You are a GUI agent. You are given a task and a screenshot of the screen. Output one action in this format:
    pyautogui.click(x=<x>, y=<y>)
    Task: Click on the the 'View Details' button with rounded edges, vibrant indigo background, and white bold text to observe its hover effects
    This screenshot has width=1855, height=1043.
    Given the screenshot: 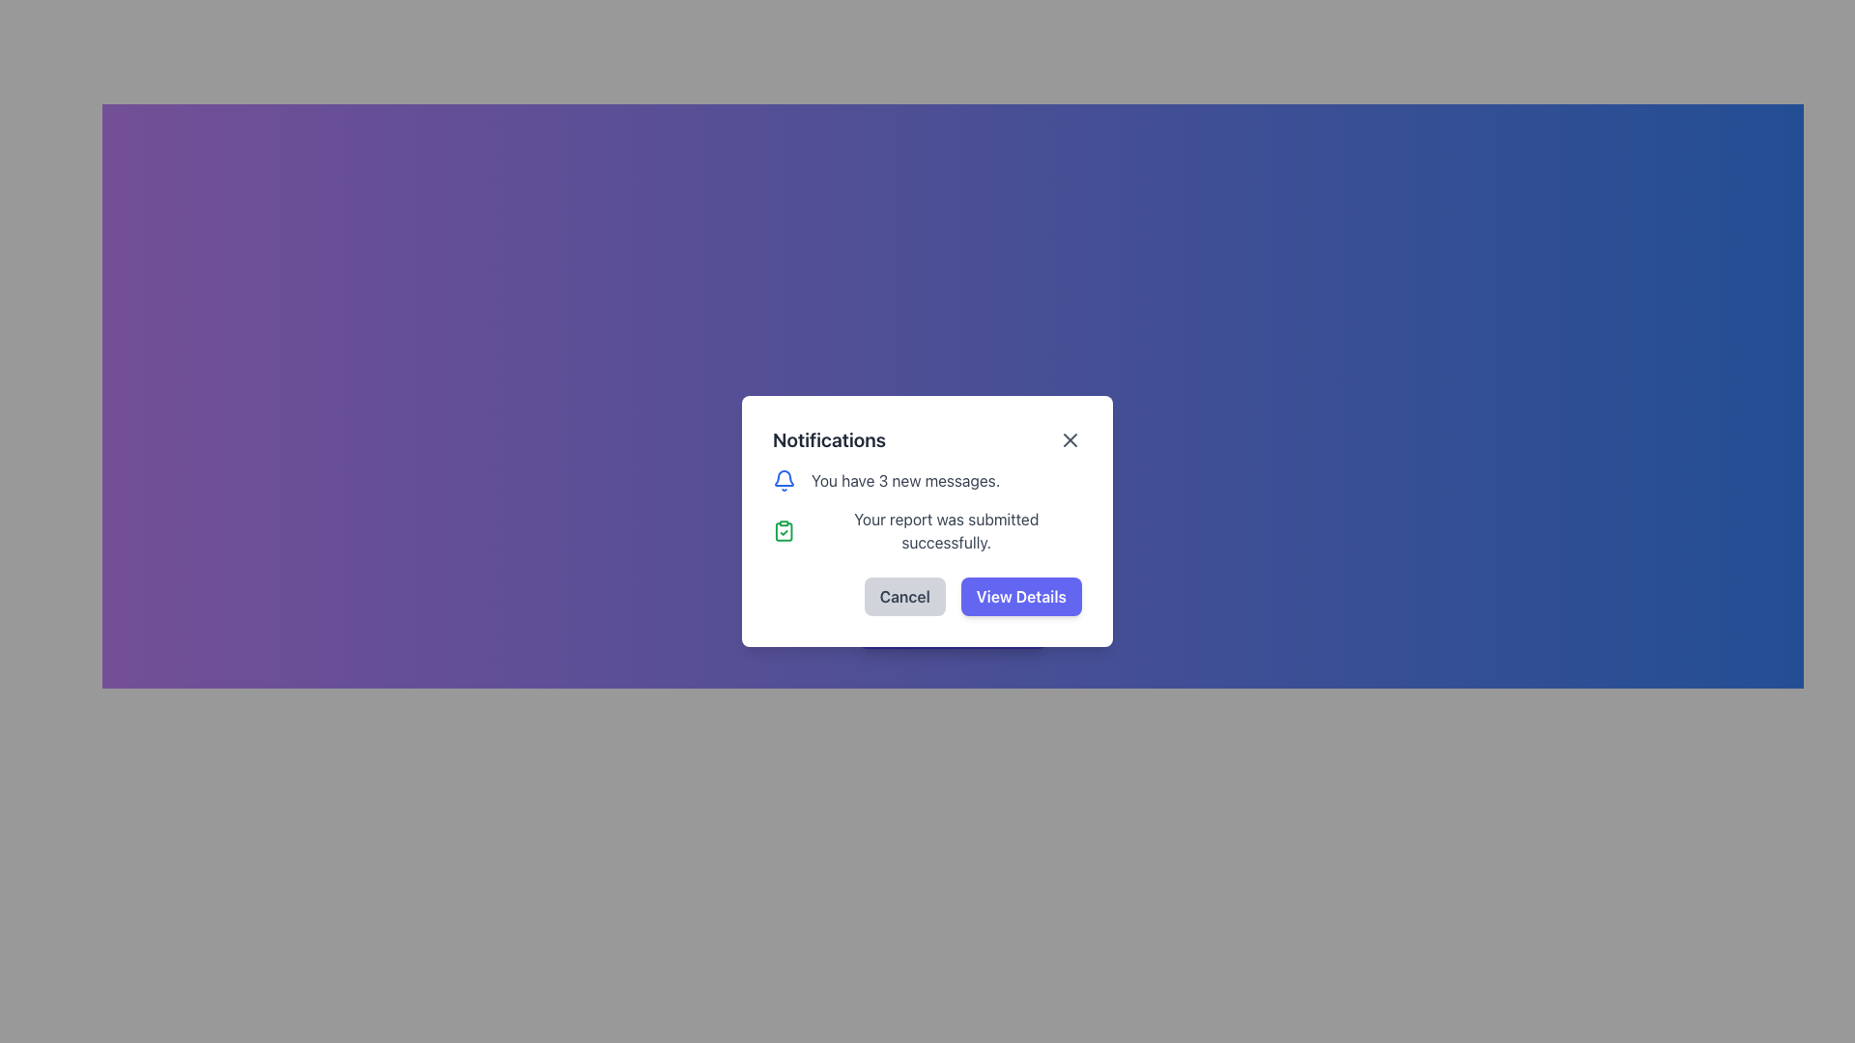 What is the action you would take?
    pyautogui.click(x=1020, y=595)
    